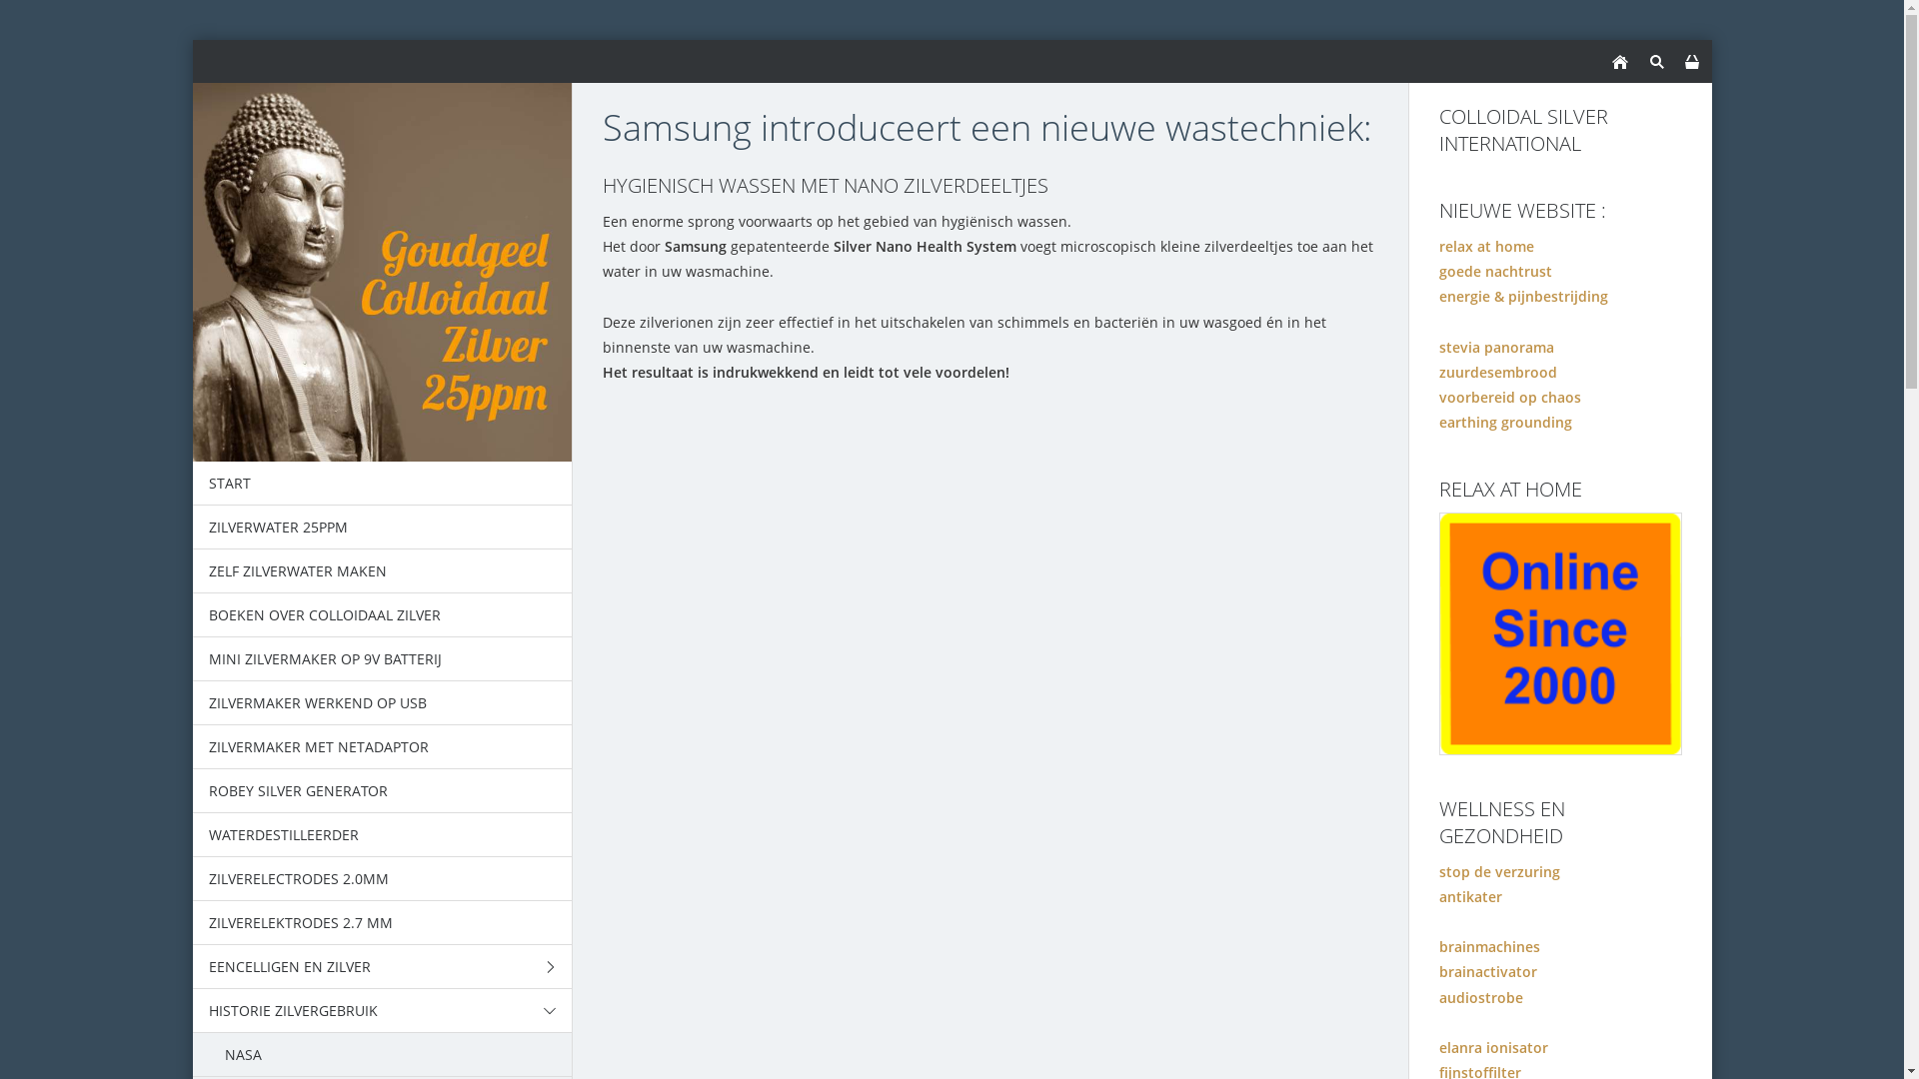 The height and width of the screenshot is (1079, 1919). What do you see at coordinates (381, 614) in the screenshot?
I see `'BOEKEN OVER COLLOIDAAL ZILVER'` at bounding box center [381, 614].